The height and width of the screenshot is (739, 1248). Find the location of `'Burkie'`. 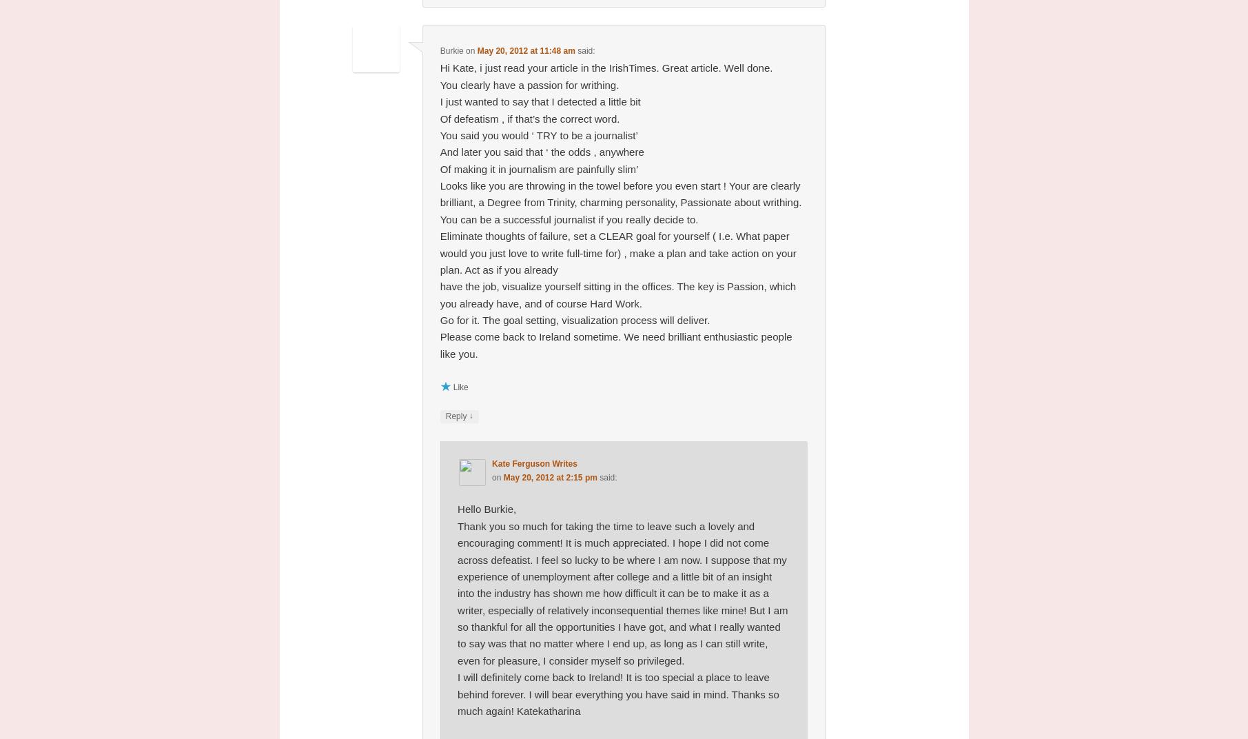

'Burkie' is located at coordinates (451, 50).